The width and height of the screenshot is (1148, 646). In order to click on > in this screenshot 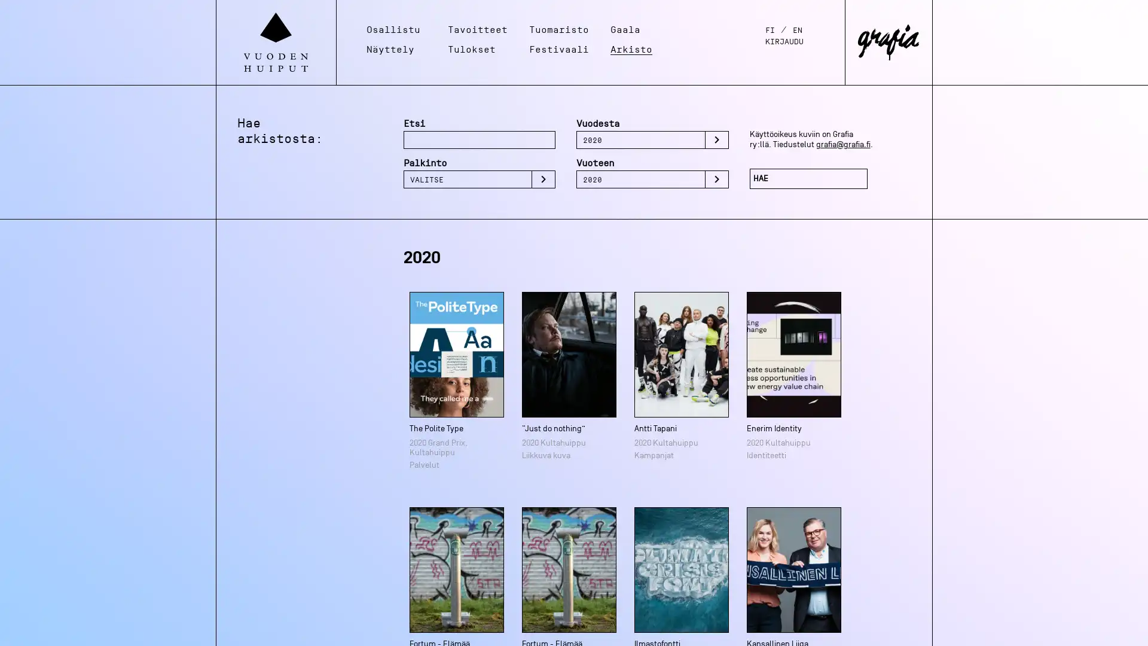, I will do `click(716, 139)`.